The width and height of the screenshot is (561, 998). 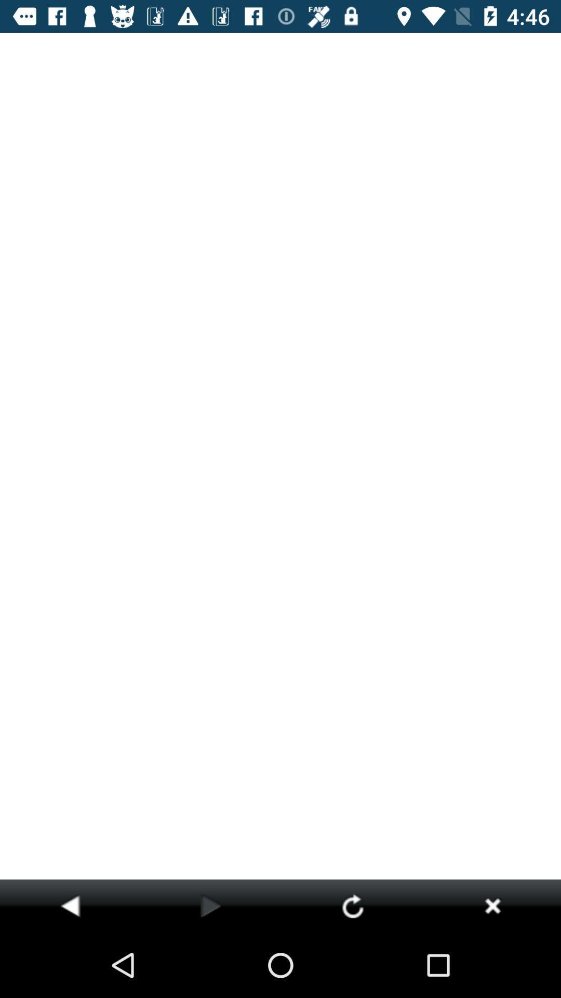 What do you see at coordinates (492, 905) in the screenshot?
I see `icon at the bottom right corner` at bounding box center [492, 905].